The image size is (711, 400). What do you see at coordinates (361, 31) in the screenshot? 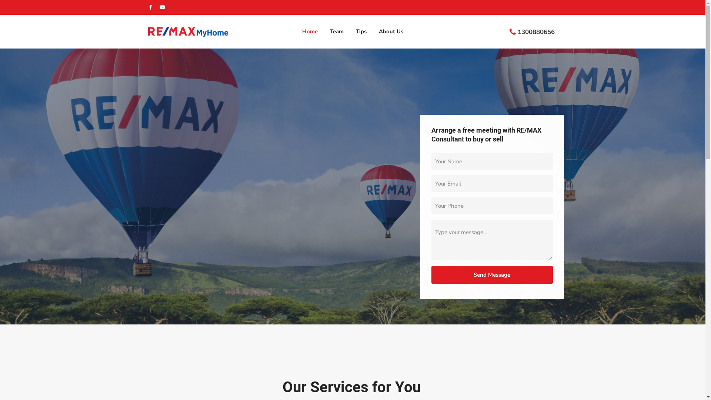
I see `'Tips'` at bounding box center [361, 31].